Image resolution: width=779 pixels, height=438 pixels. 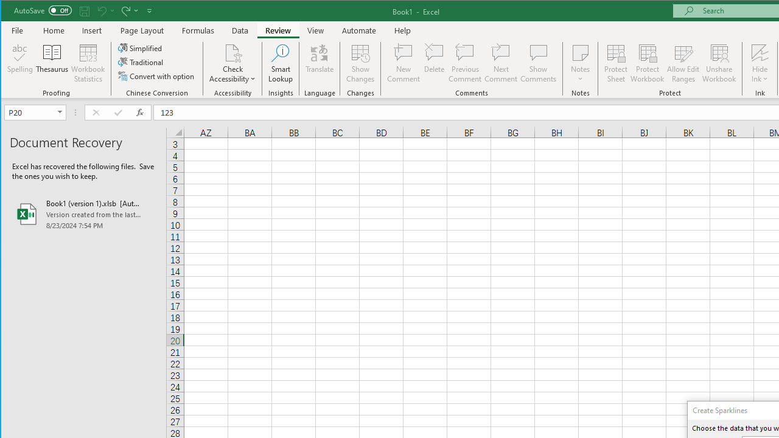 I want to click on 'New Comment', so click(x=403, y=63).